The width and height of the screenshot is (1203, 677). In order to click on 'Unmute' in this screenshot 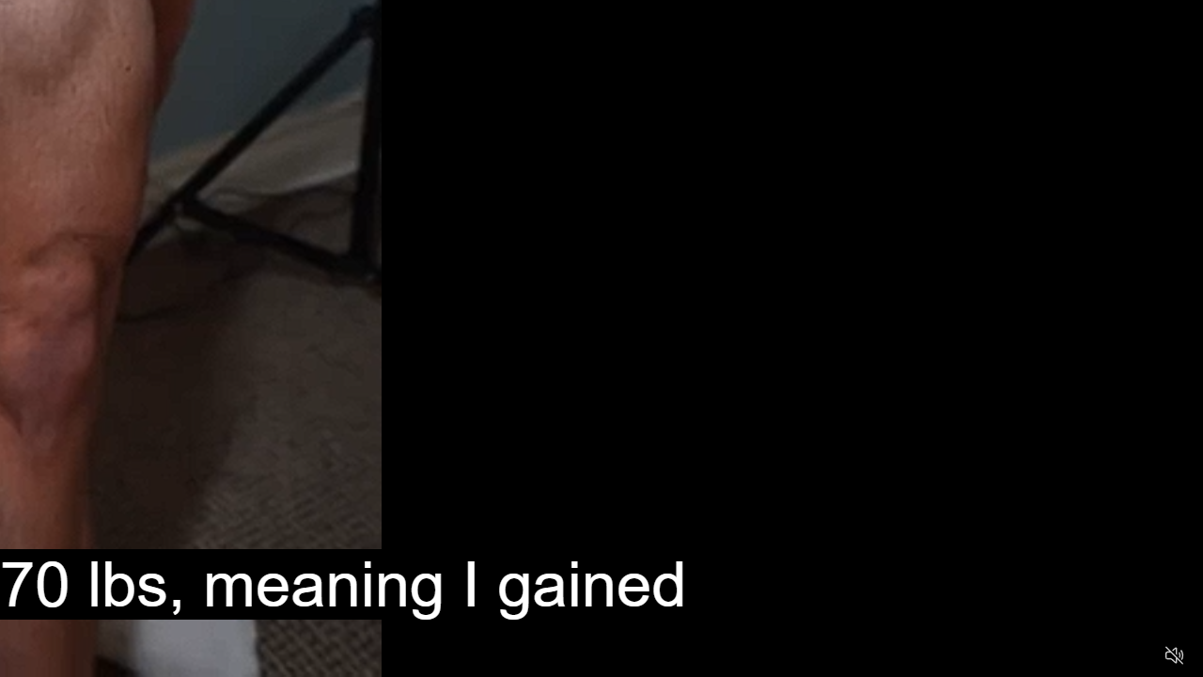, I will do `click(1173, 653)`.